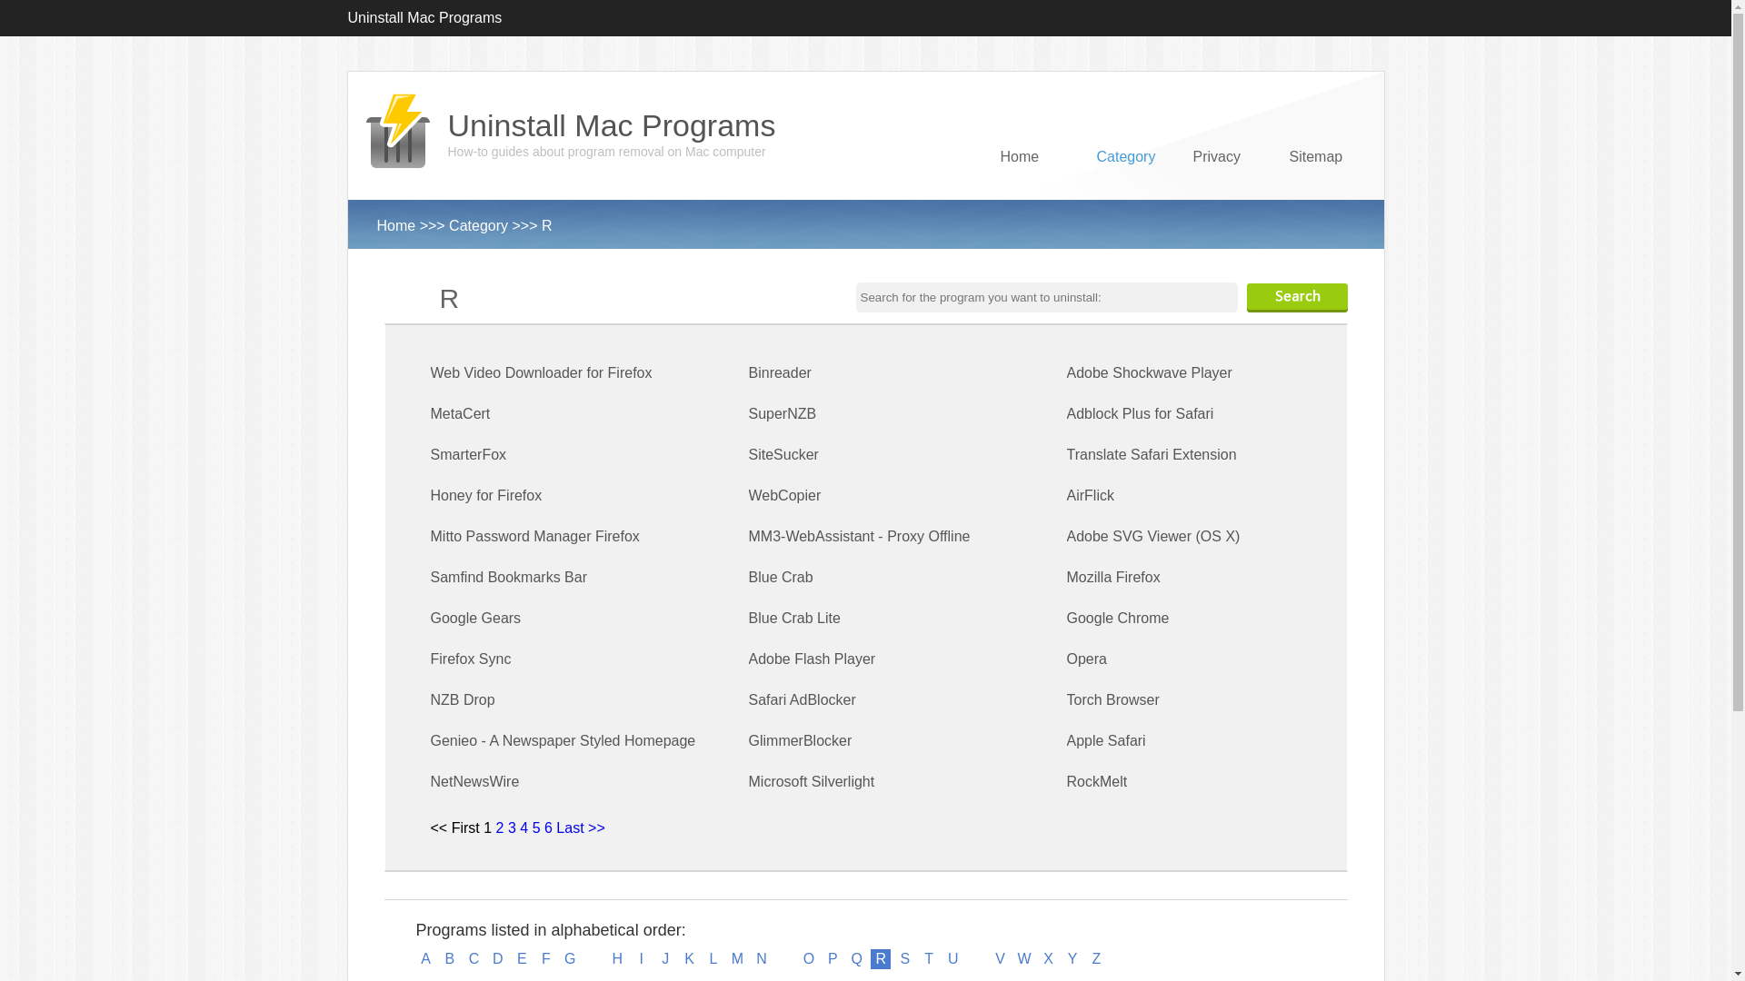  Describe the element at coordinates (737, 958) in the screenshot. I see `'M'` at that location.